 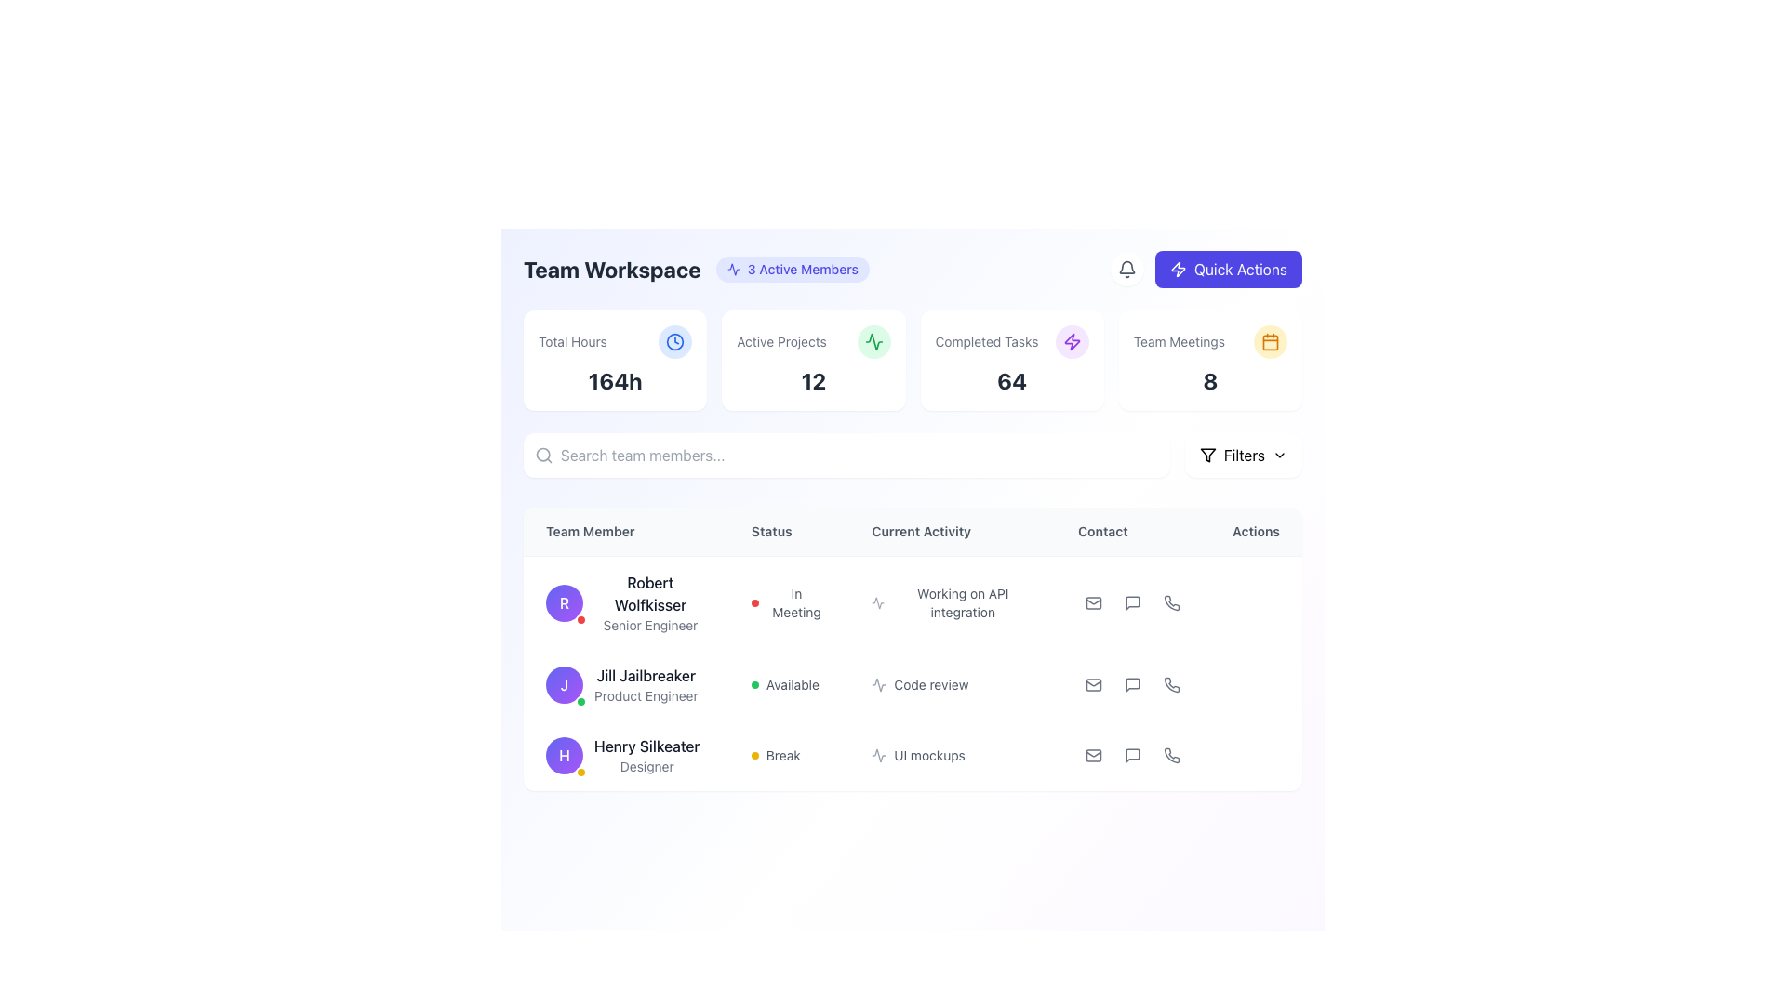 What do you see at coordinates (953, 756) in the screenshot?
I see `the Label displaying 'UI mockups' with a heartbeat icon, which is the third component under the 'Current Activity' column associated with team member Henry Silkeater` at bounding box center [953, 756].